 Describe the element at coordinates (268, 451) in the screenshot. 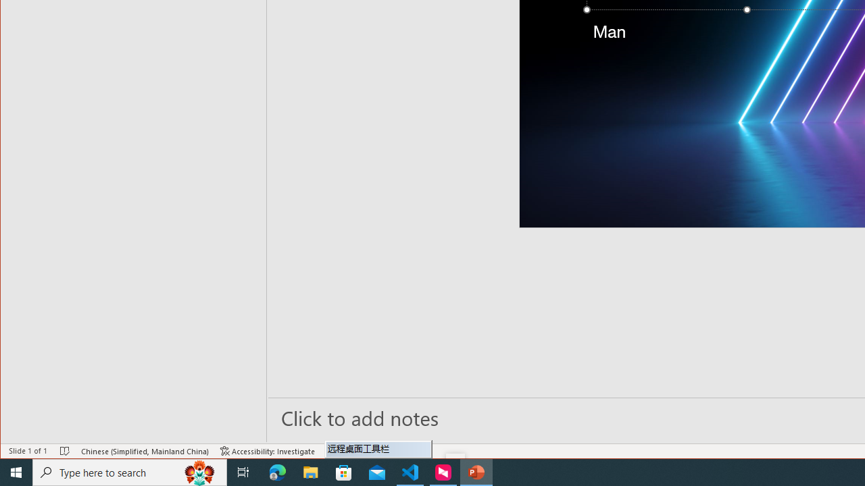

I see `'Accessibility Checker Accessibility: Investigate'` at that location.